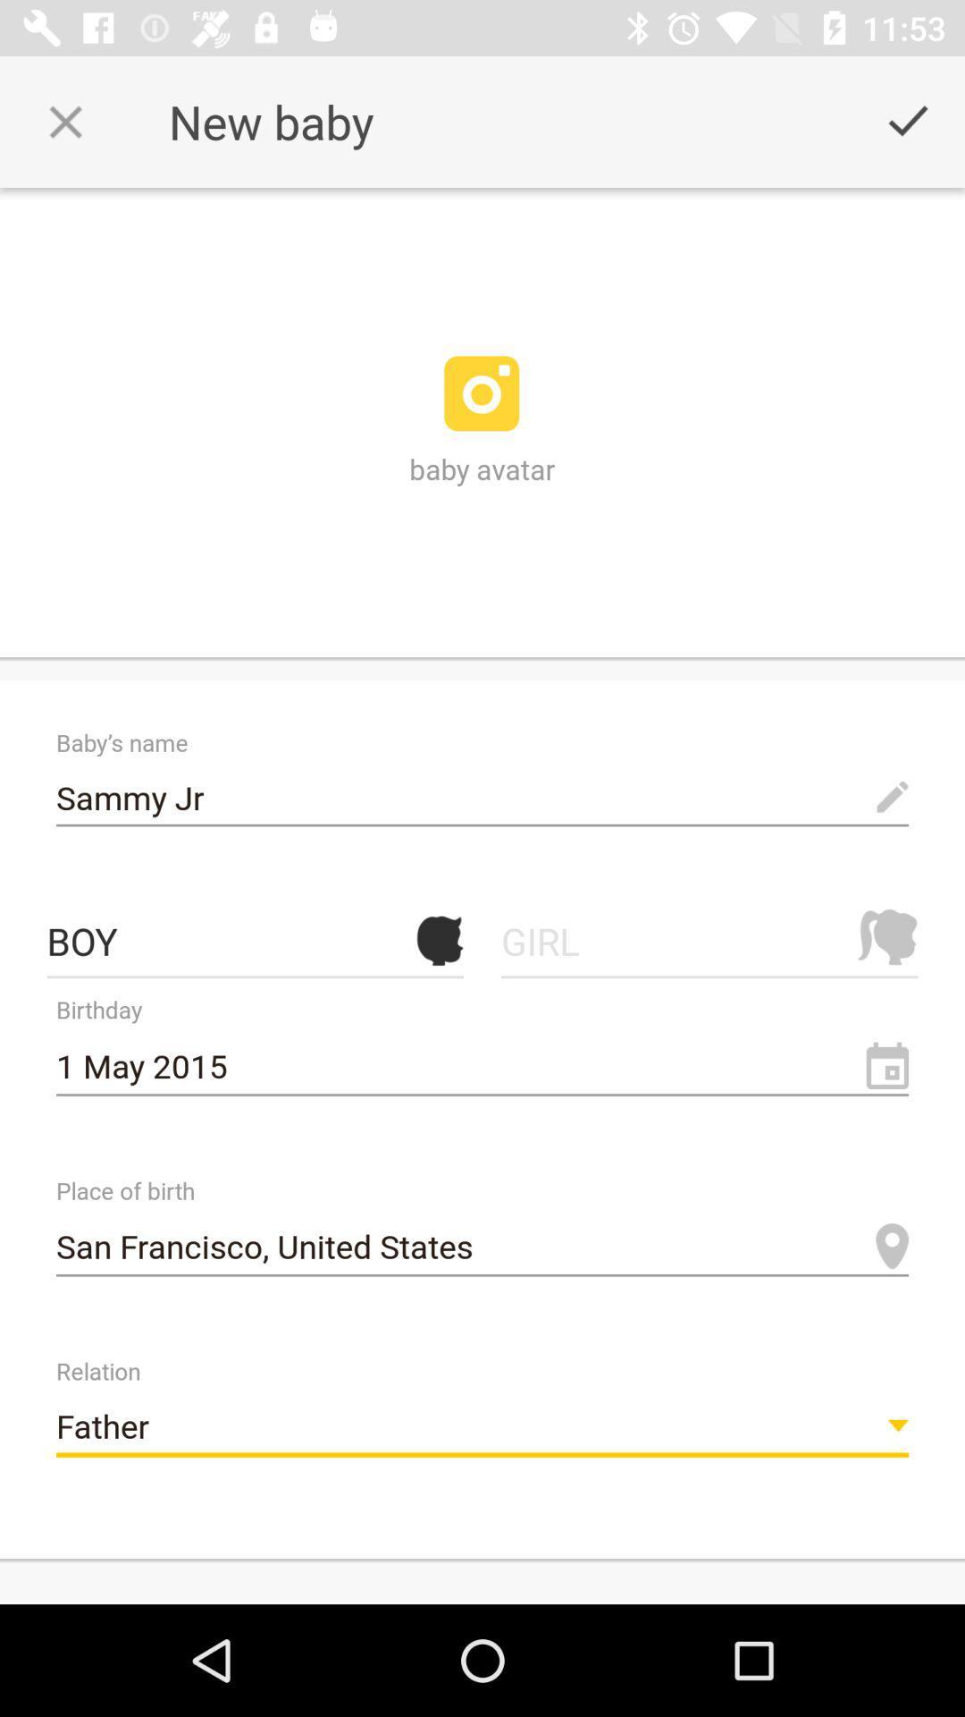 This screenshot has width=965, height=1717. I want to click on this tap, so click(64, 121).